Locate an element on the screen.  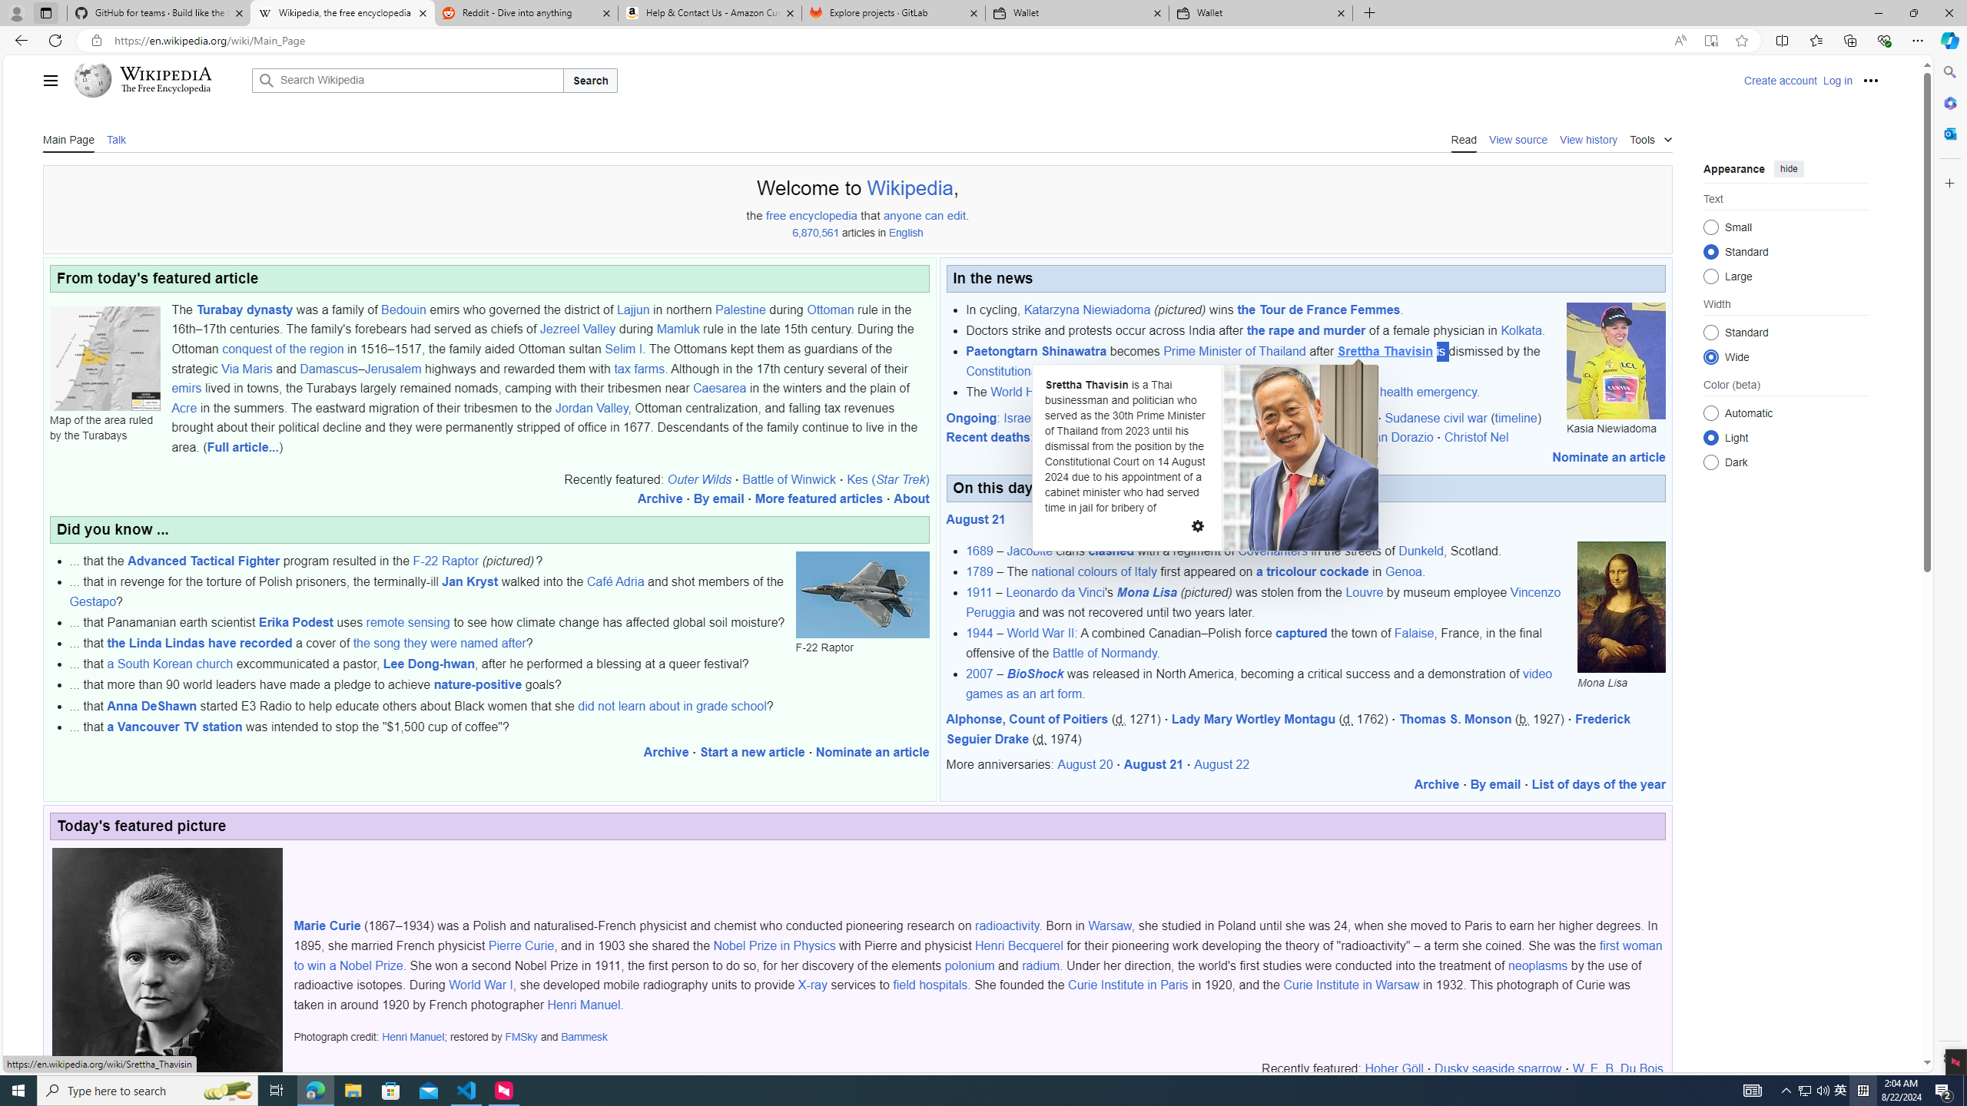
'Lady Mary Wortley Montagu' is located at coordinates (1252, 718).